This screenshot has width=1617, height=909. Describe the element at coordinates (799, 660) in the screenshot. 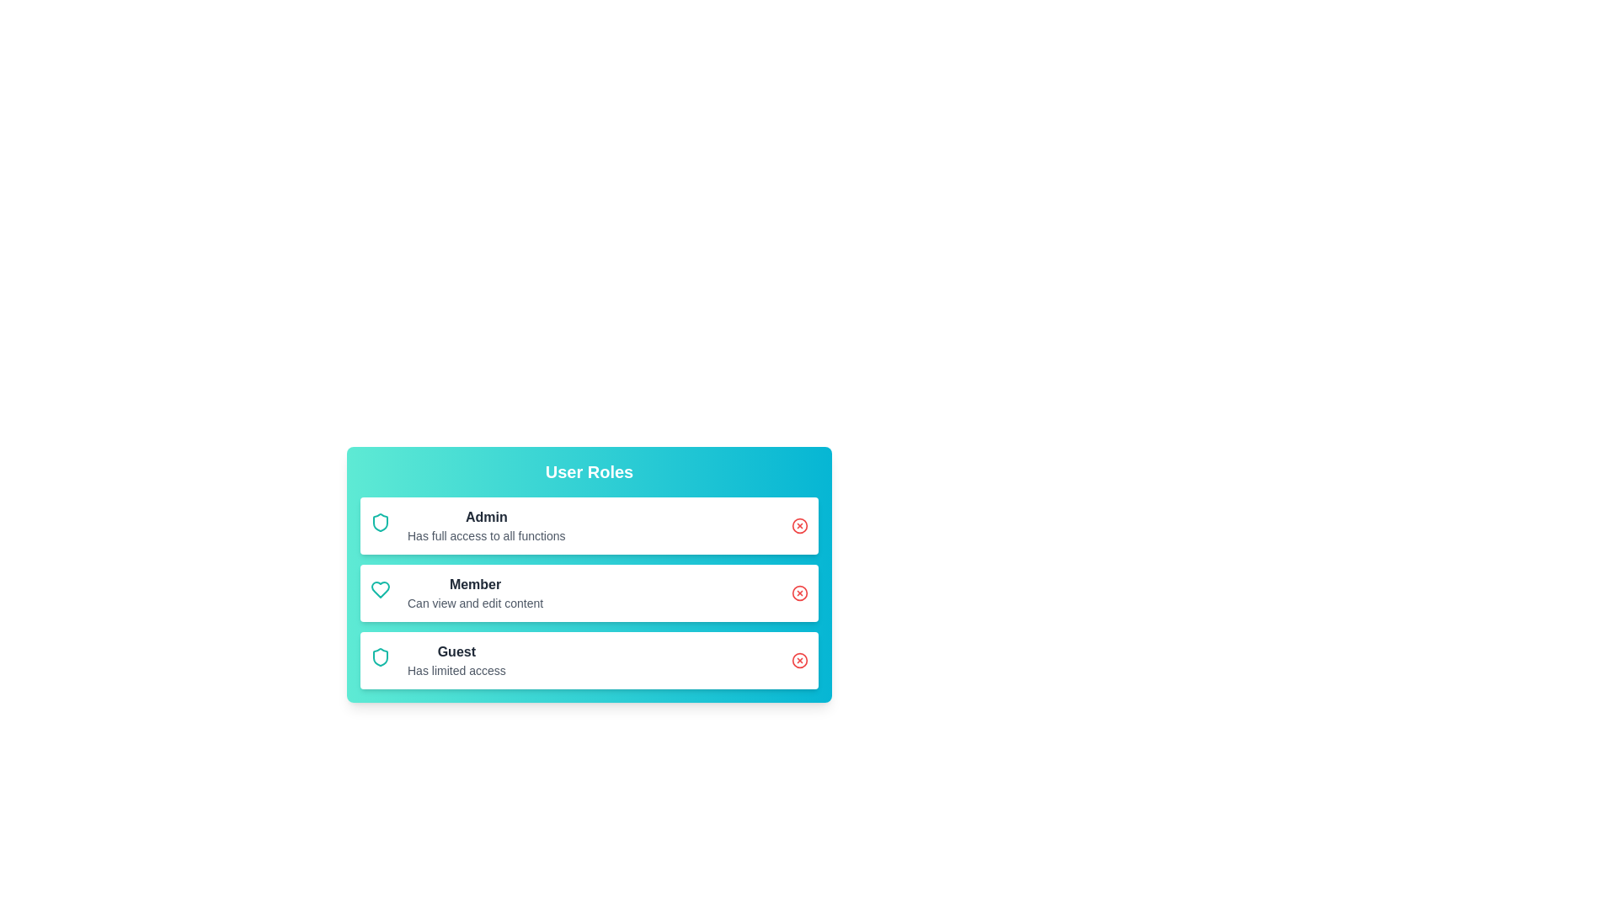

I see `the remove button for the role Guest to delete it` at that location.